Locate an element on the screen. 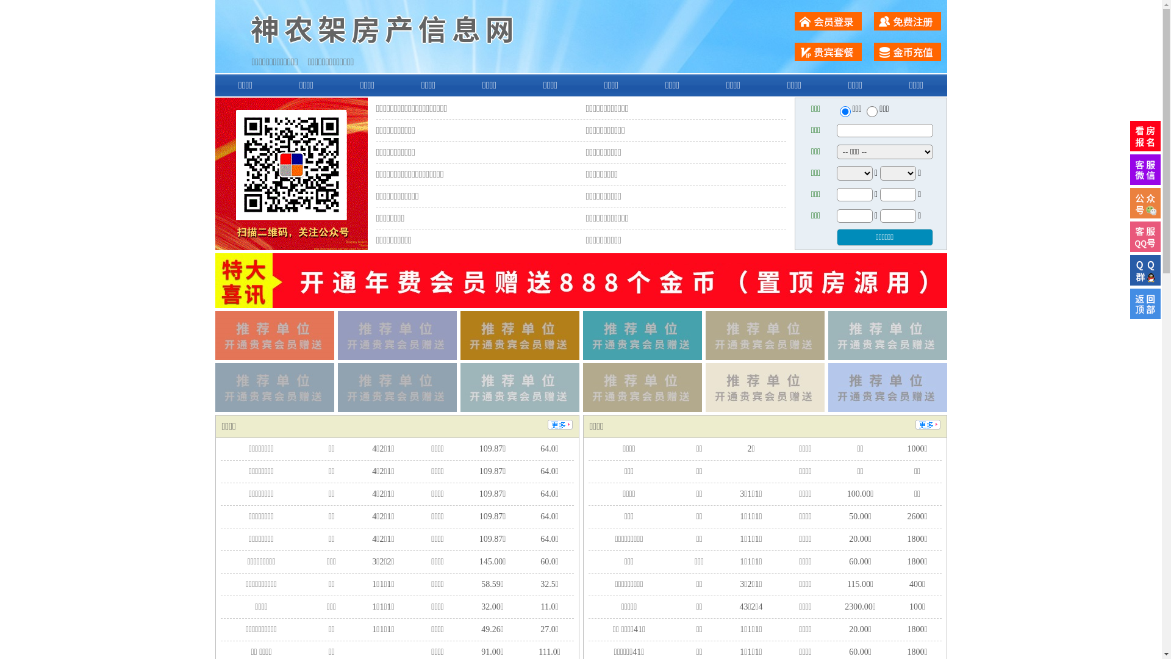 The height and width of the screenshot is (659, 1171). 'ershou' is located at coordinates (844, 111).